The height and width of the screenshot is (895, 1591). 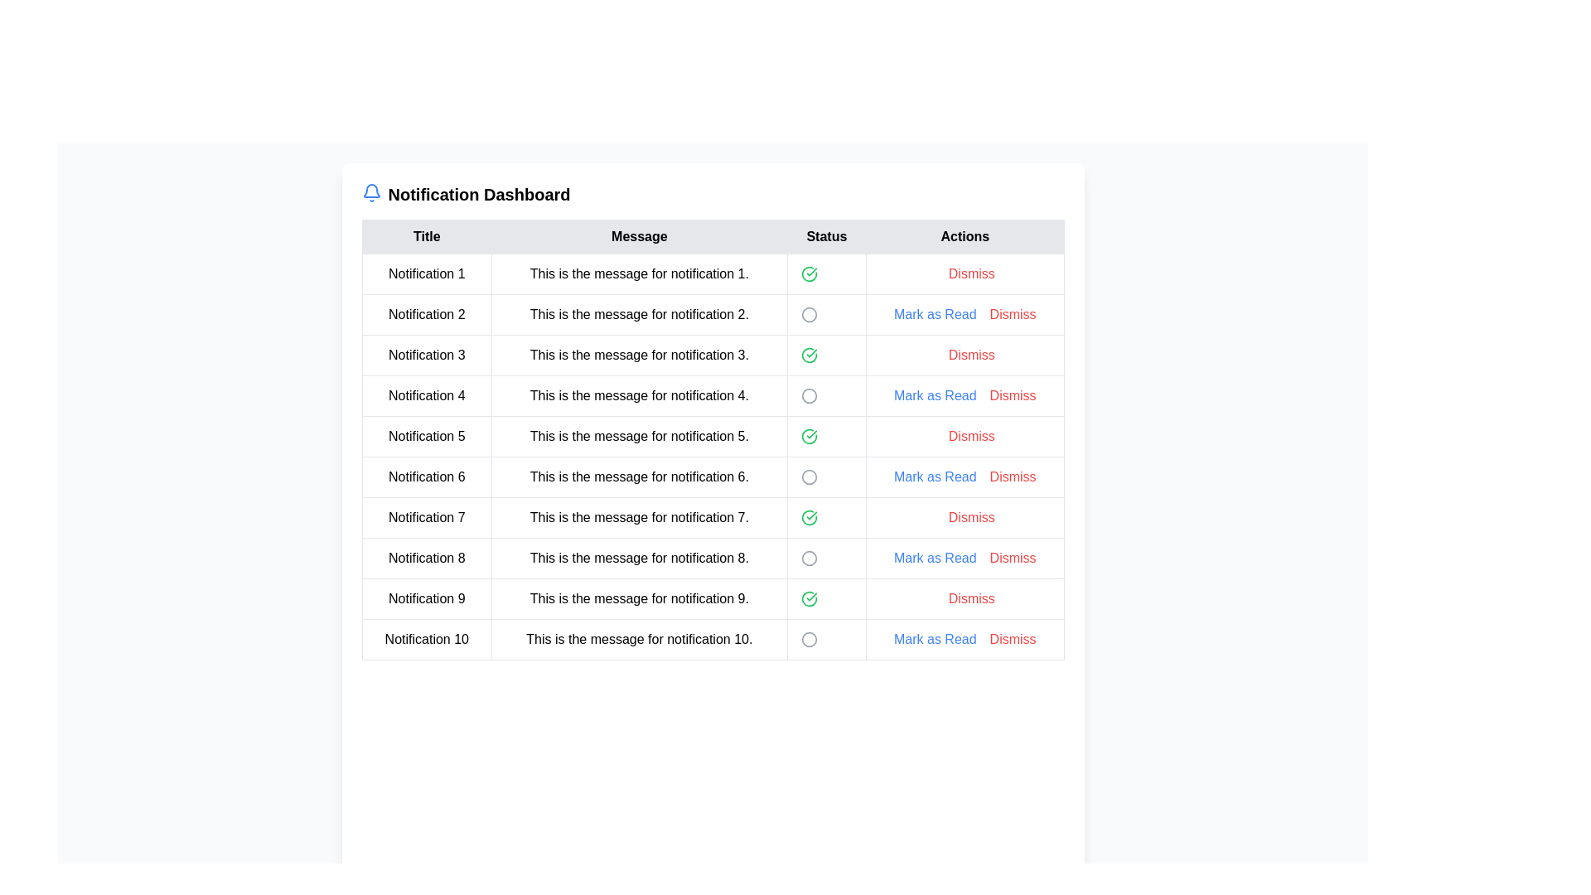 I want to click on the dismiss link/button styled element on the rightmost side of the 'Notification 9' row, so click(x=965, y=598).